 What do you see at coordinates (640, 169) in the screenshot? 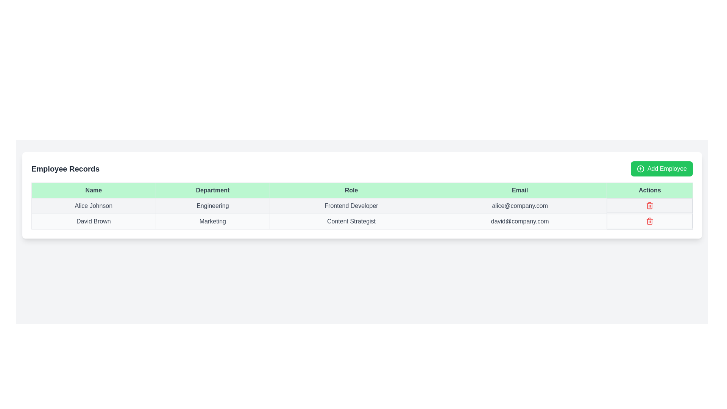
I see `the circular icon with a plus sign in its center, which is part of the 'Add Employee' button located on the top-right side of the employee table interface` at bounding box center [640, 169].